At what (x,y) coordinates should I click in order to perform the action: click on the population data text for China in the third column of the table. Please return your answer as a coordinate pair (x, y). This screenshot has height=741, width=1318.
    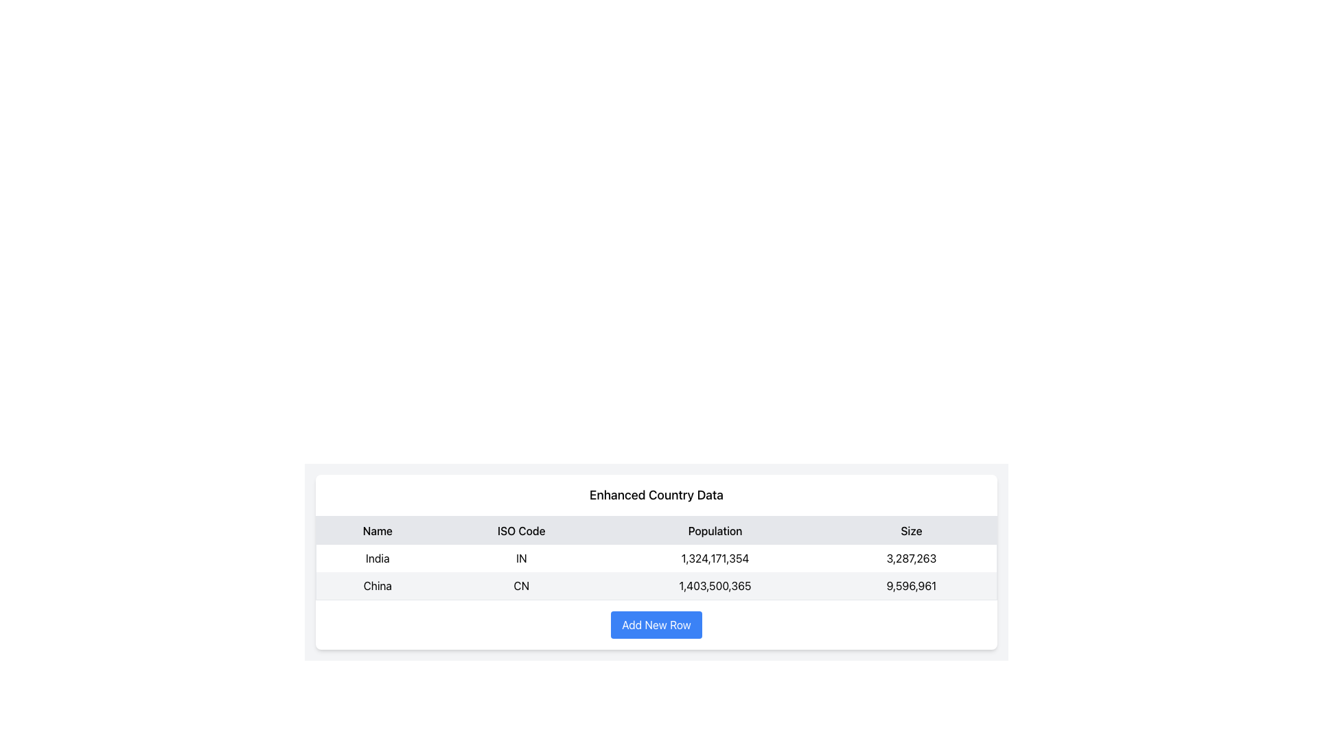
    Looking at the image, I should click on (714, 586).